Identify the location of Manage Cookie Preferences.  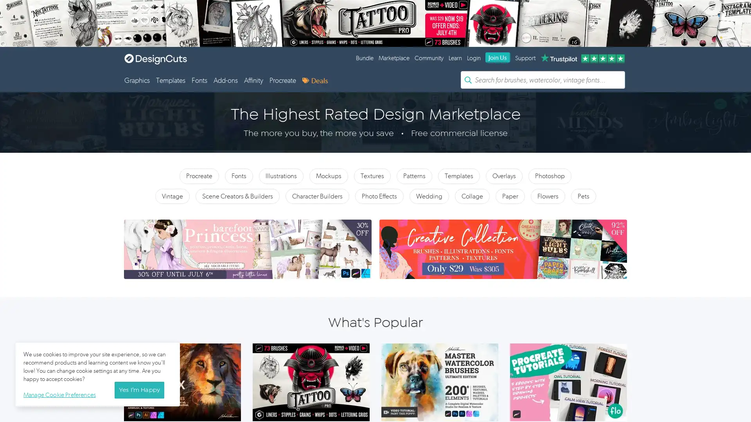
(61, 393).